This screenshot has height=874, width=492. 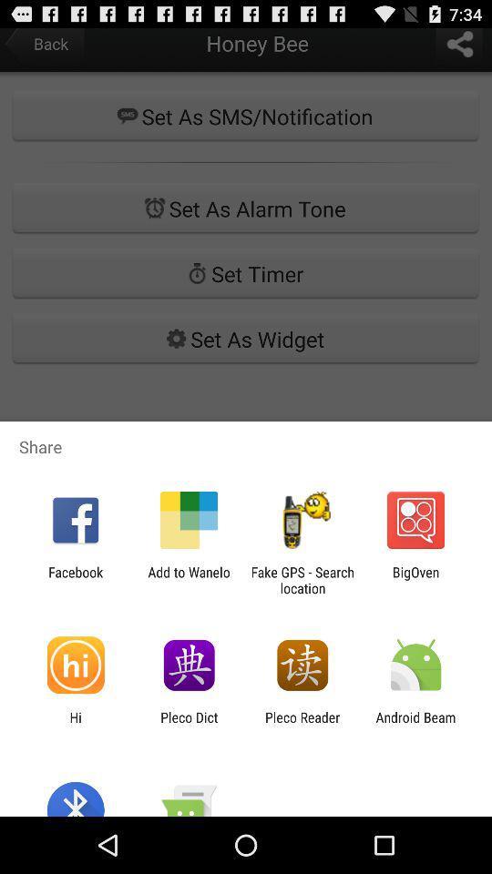 What do you see at coordinates (302, 579) in the screenshot?
I see `the item next to the add to wanelo item` at bounding box center [302, 579].